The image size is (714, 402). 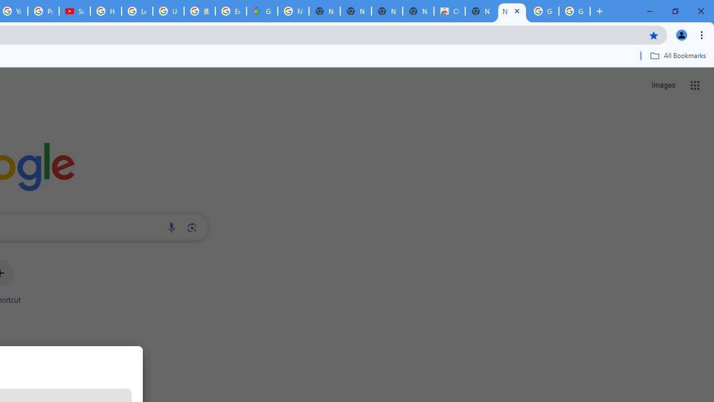 I want to click on 'How Chrome protects your passwords - Google Chrome Help', so click(x=106, y=11).